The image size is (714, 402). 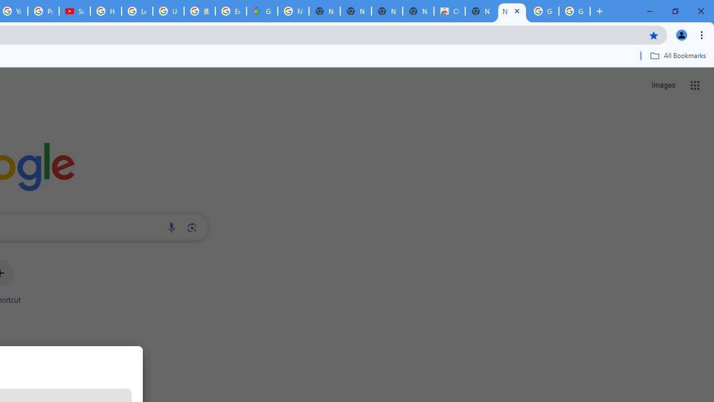 I want to click on 'How Chrome protects your passwords - Google Chrome Help', so click(x=106, y=11).